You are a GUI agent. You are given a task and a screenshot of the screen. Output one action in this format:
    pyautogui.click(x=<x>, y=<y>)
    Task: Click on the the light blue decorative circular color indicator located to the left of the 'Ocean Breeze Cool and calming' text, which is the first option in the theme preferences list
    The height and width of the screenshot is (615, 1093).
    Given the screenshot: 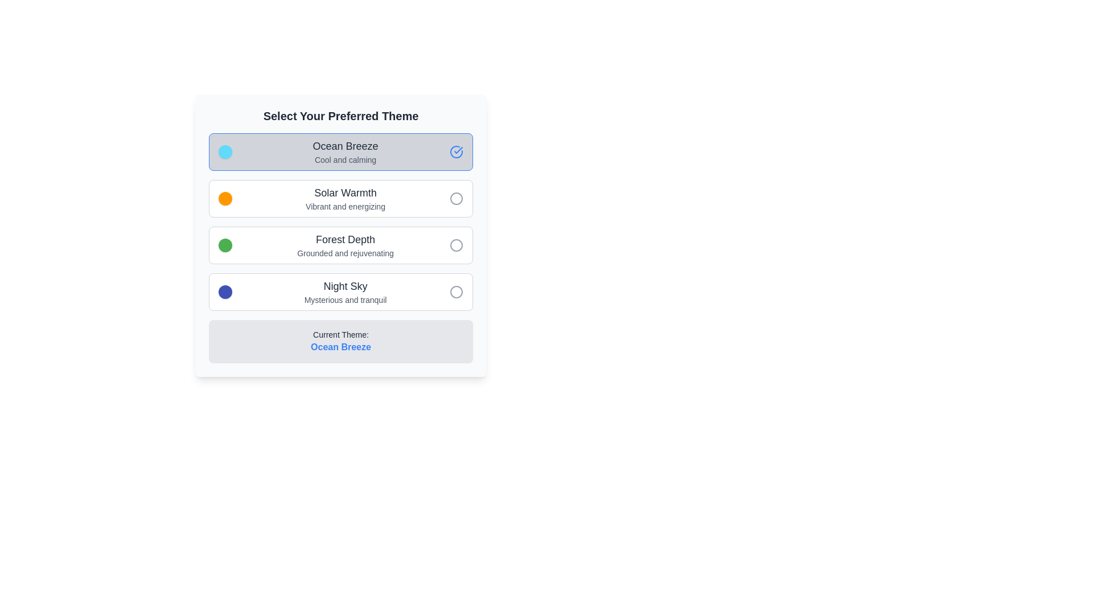 What is the action you would take?
    pyautogui.click(x=225, y=151)
    